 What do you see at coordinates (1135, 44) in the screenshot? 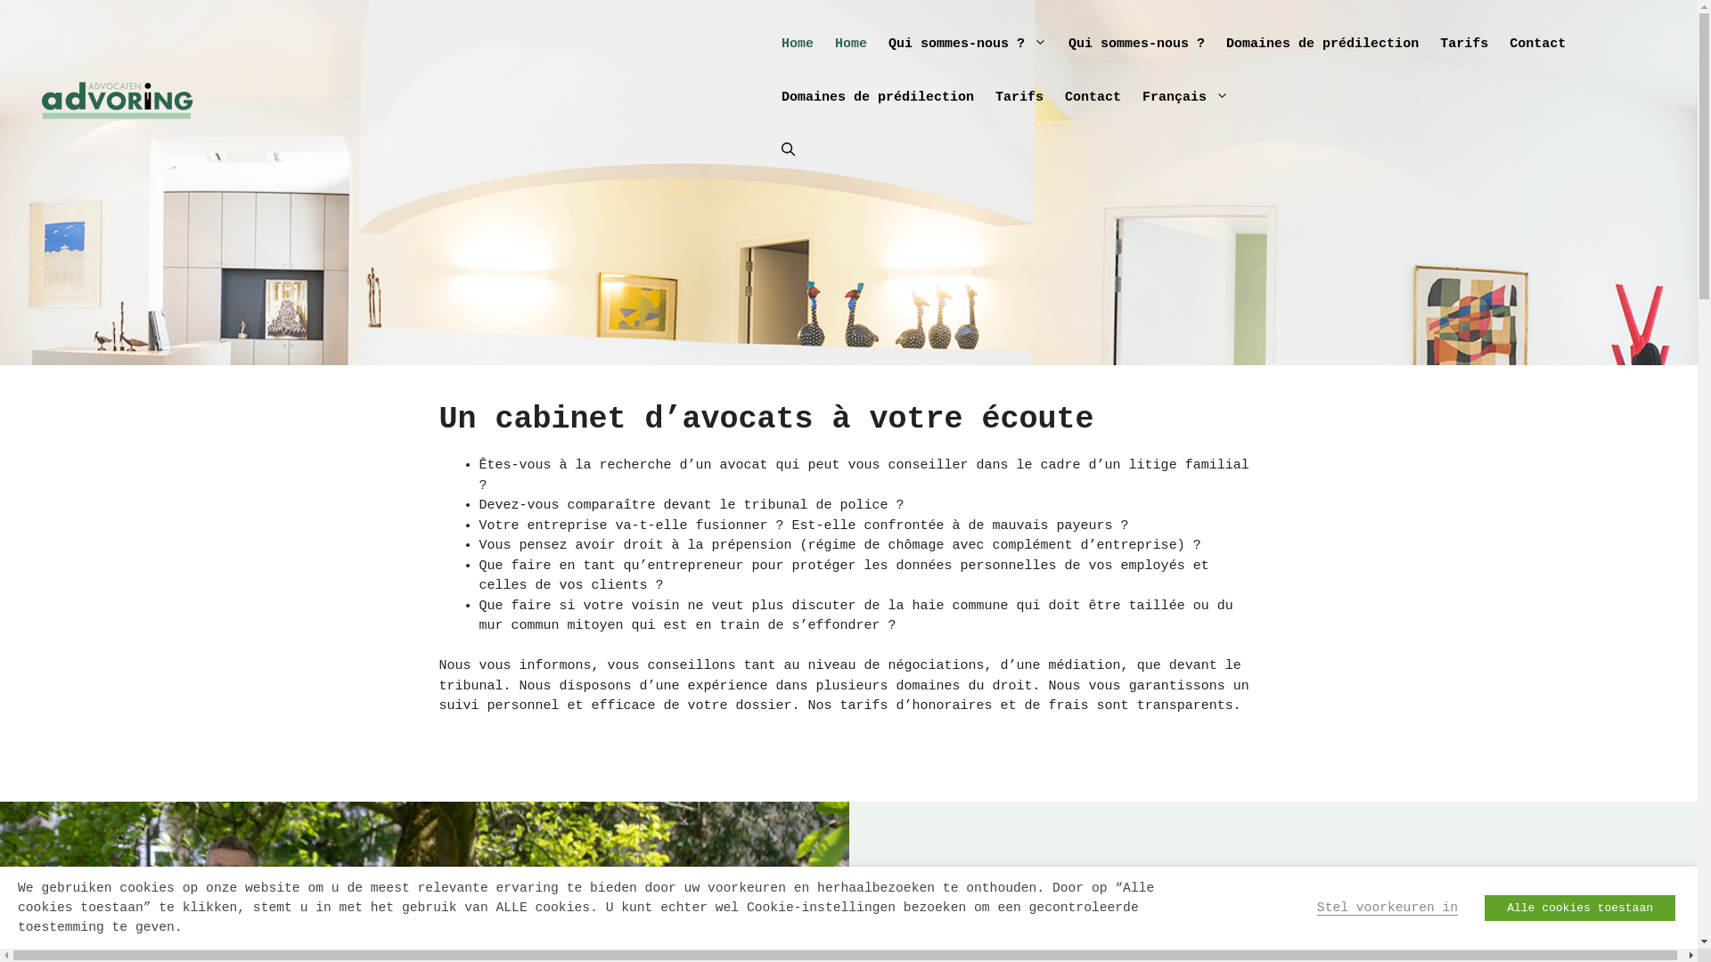
I see `'Qui sommes-nous ?'` at bounding box center [1135, 44].